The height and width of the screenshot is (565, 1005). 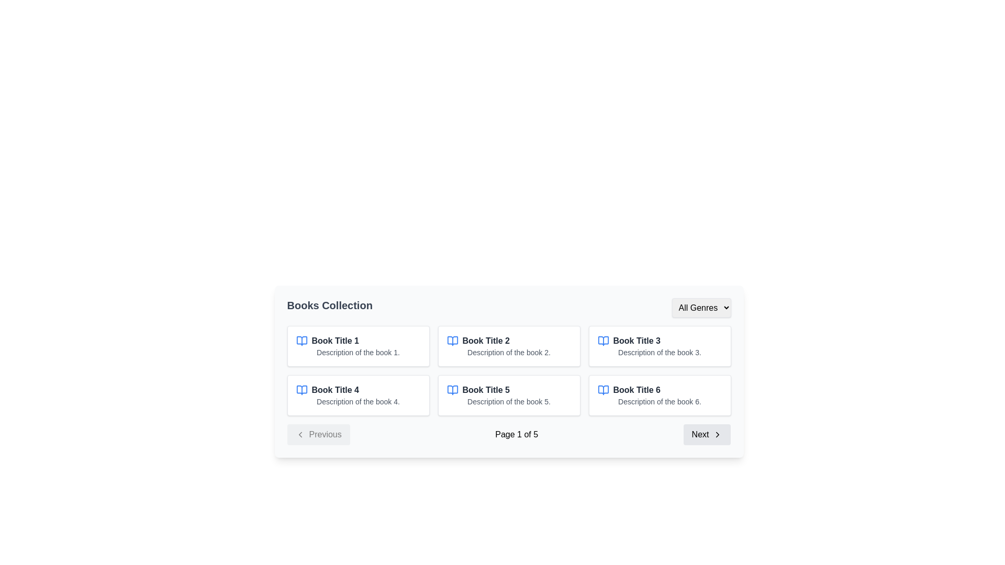 What do you see at coordinates (636, 341) in the screenshot?
I see `the Text Label that represents the book title, positioned as the third item in the first row of a grid display, accompanied by an open book icon on the left` at bounding box center [636, 341].